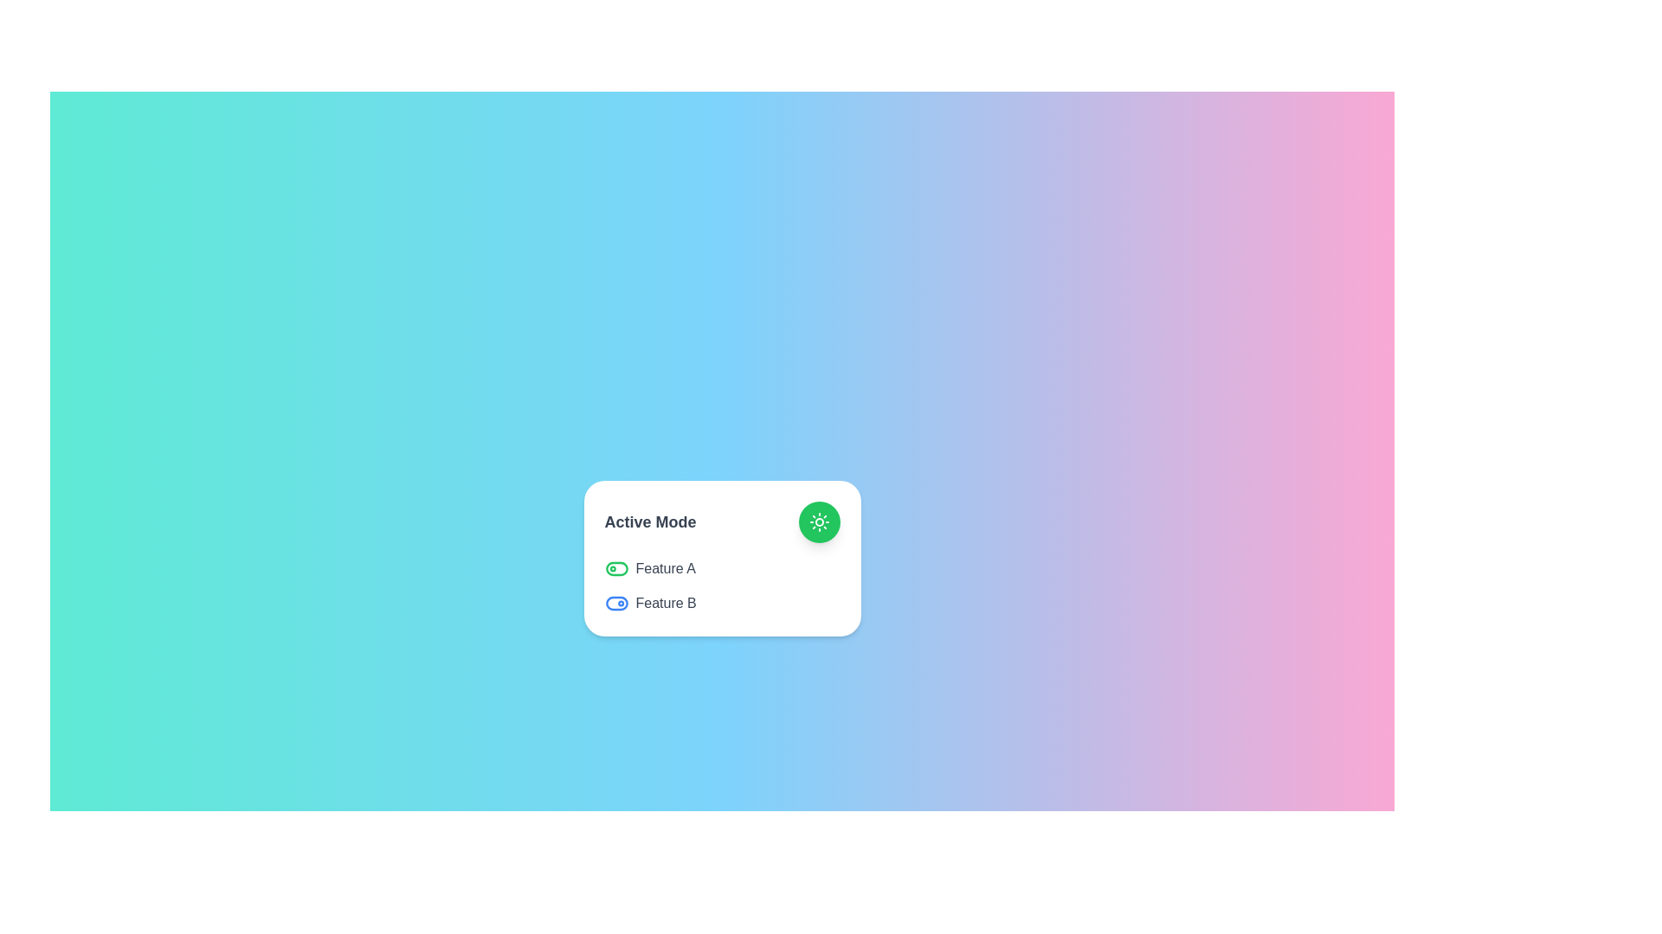  Describe the element at coordinates (616, 569) in the screenshot. I see `the appearance of the green rectangular background for the toggle switch located in the top-right area of the card labeled 'Active Mode'` at that location.